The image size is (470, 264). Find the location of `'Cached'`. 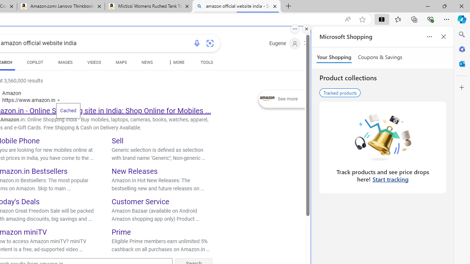

'Cached' is located at coordinates (68, 110).